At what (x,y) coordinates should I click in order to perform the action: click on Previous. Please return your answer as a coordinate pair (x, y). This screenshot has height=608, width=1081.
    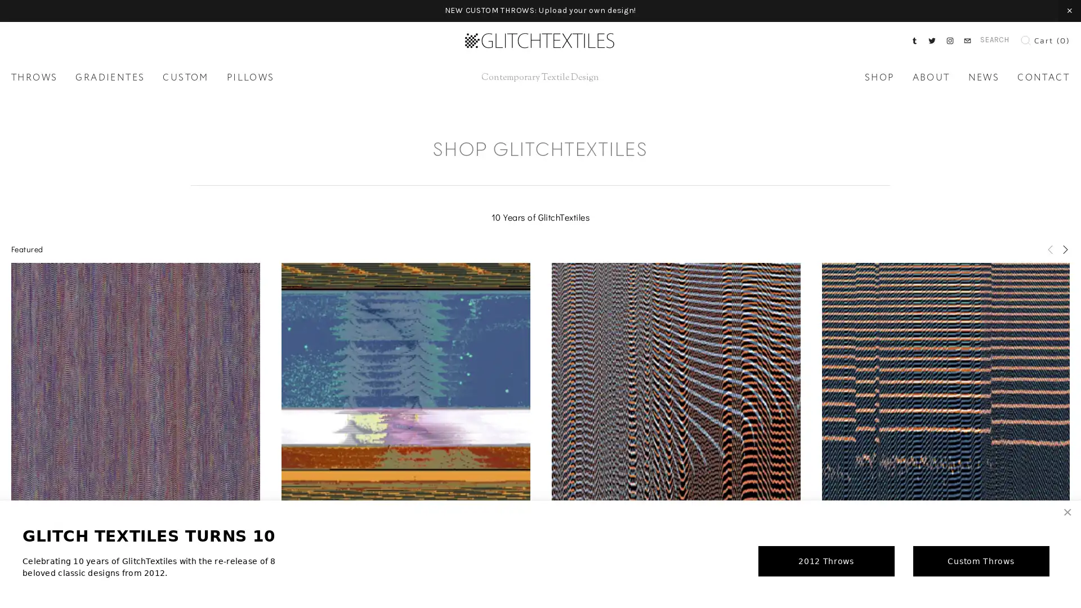
    Looking at the image, I should click on (1050, 248).